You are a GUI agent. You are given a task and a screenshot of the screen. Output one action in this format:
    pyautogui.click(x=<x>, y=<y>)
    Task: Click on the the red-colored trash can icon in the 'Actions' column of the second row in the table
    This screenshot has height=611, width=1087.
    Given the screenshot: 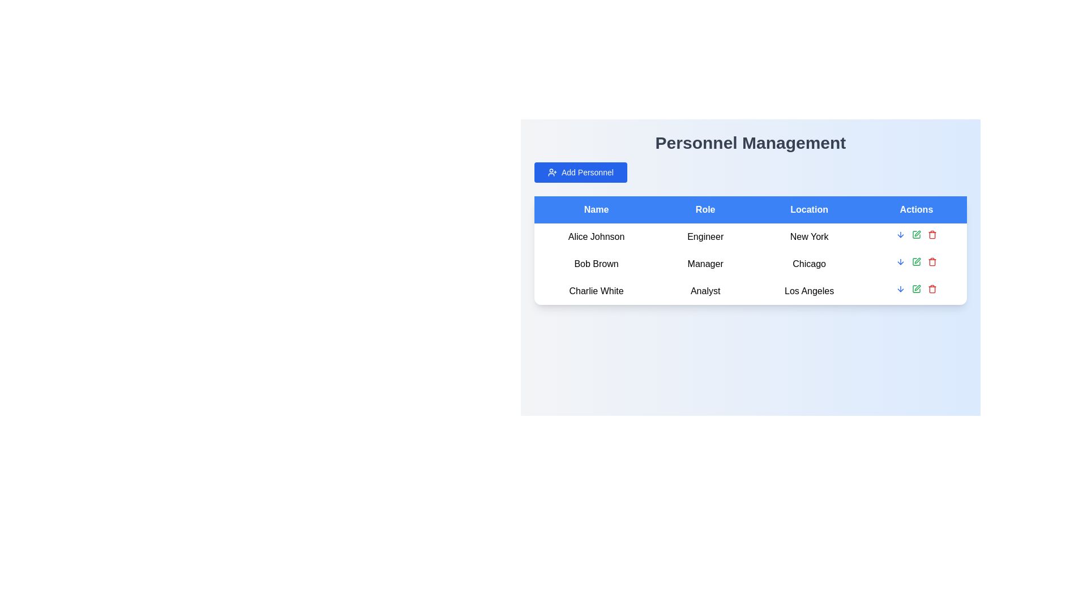 What is the action you would take?
    pyautogui.click(x=932, y=261)
    